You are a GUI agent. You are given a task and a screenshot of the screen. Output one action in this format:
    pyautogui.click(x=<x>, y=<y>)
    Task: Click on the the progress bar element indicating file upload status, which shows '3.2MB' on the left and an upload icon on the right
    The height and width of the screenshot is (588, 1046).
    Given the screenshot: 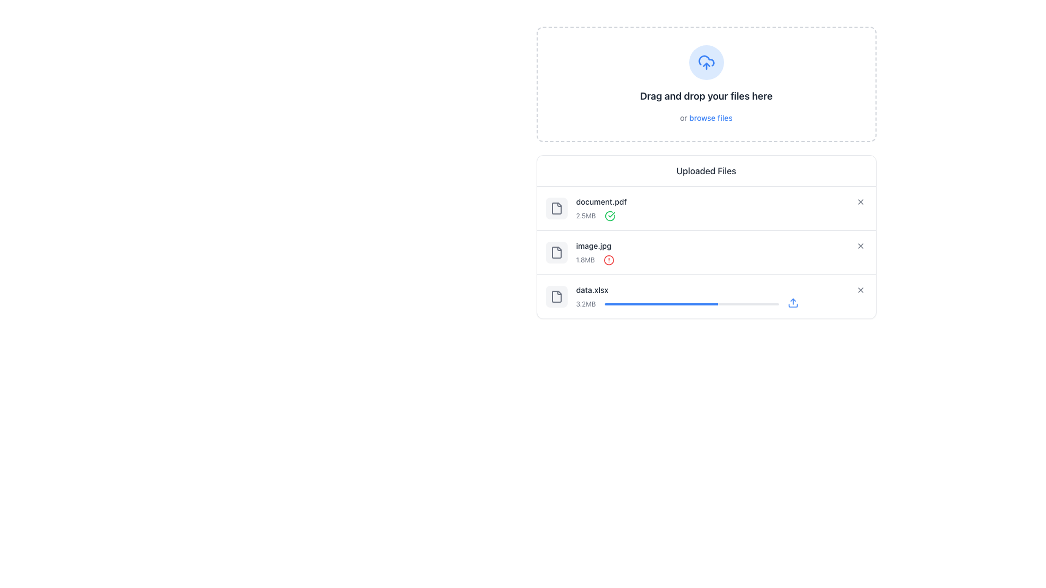 What is the action you would take?
    pyautogui.click(x=721, y=304)
    